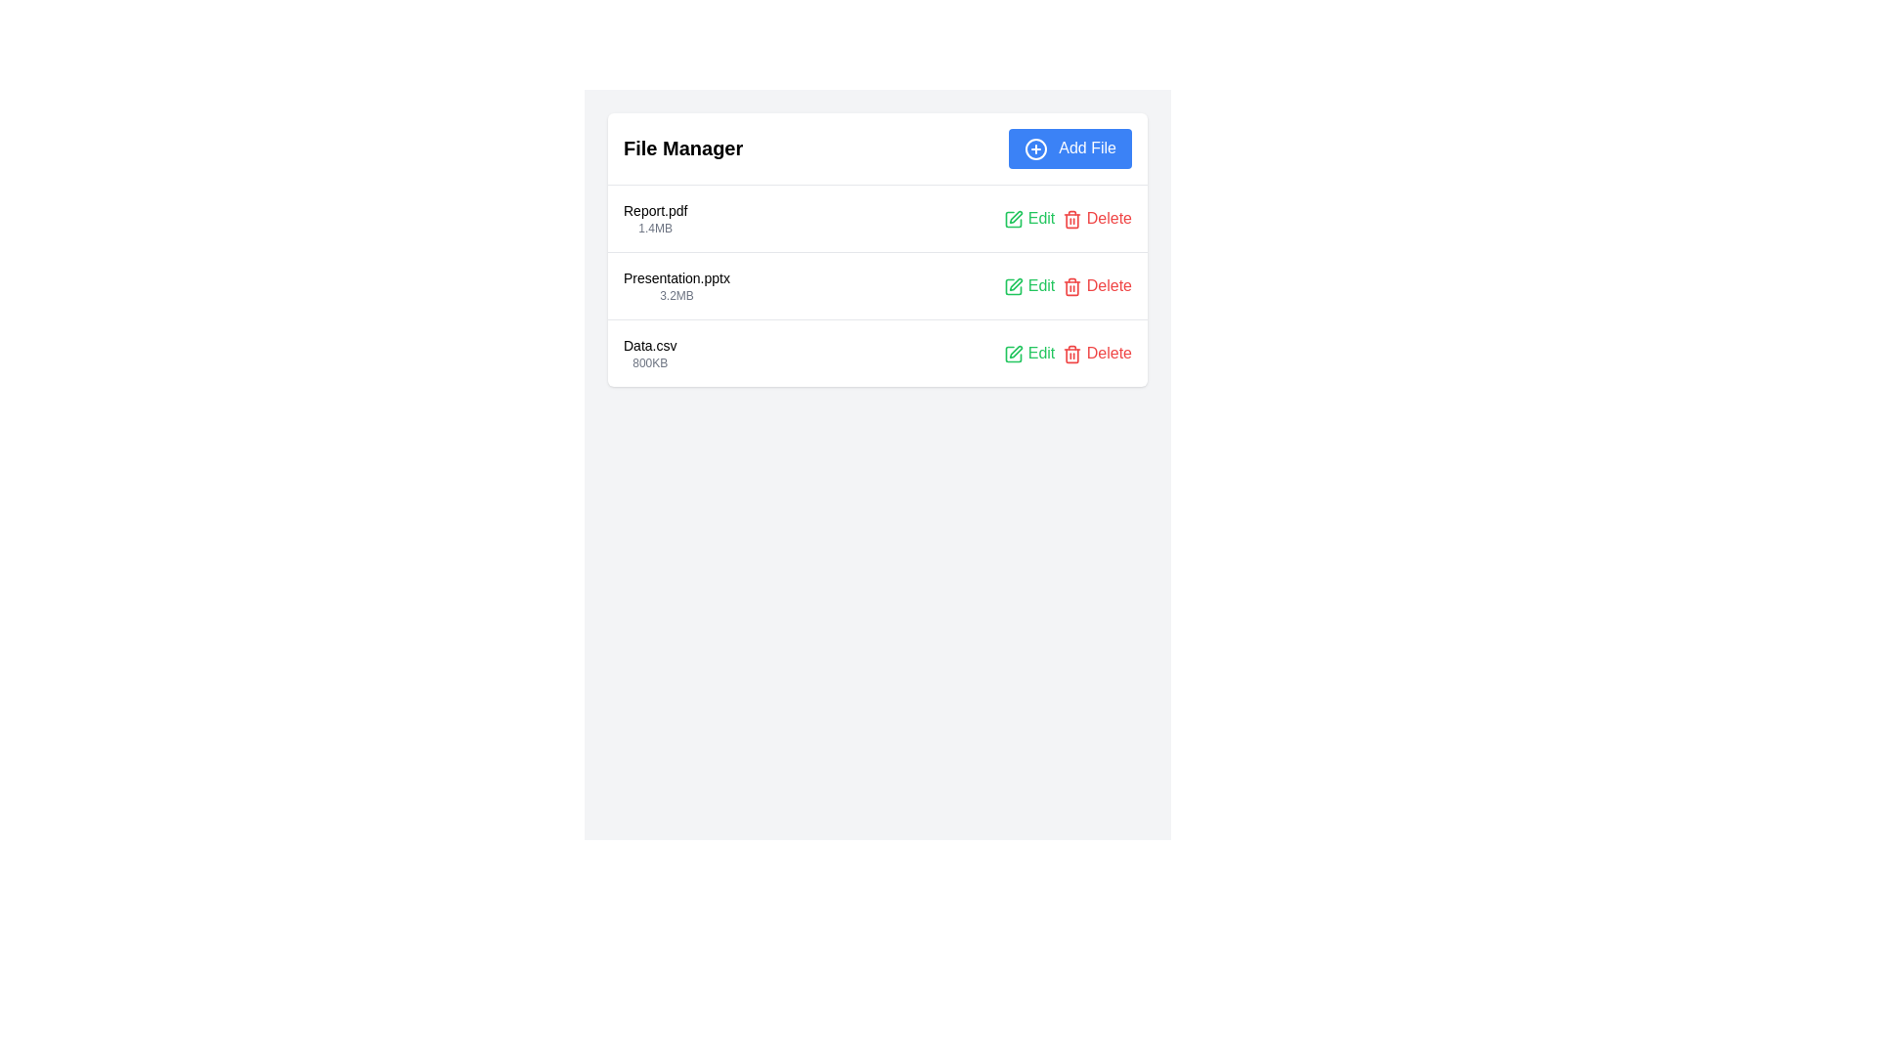  Describe the element at coordinates (1028, 353) in the screenshot. I see `the green 'Edit' button with an icon resembling a pen, located in the last row of the file management actions list, to observe the hover effect` at that location.